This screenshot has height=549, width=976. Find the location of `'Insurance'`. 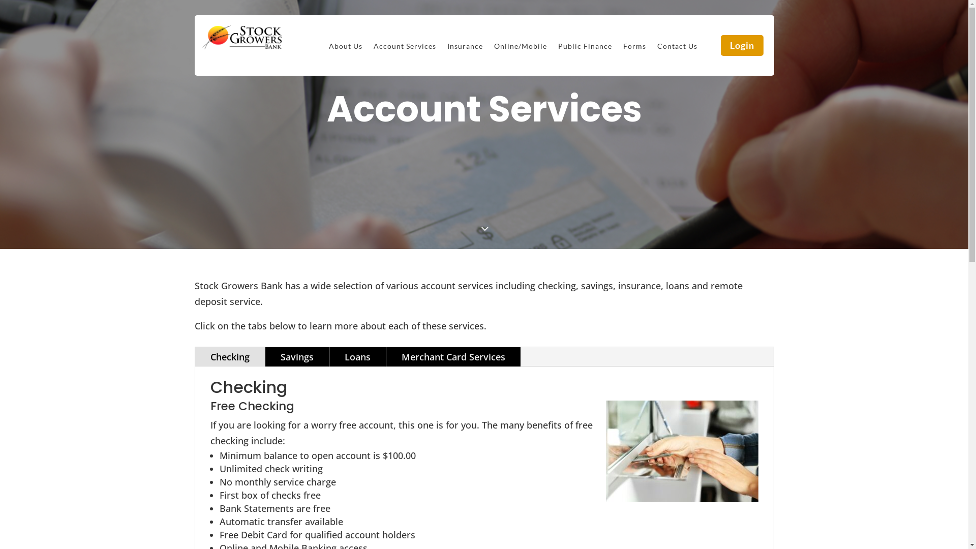

'Insurance' is located at coordinates (465, 48).